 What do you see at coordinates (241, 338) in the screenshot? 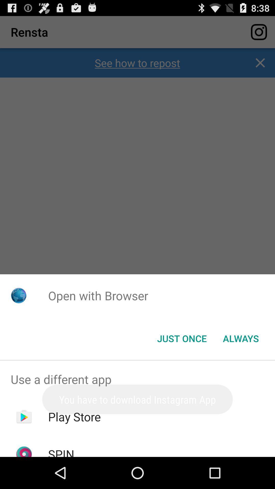
I see `icon next to the just once item` at bounding box center [241, 338].